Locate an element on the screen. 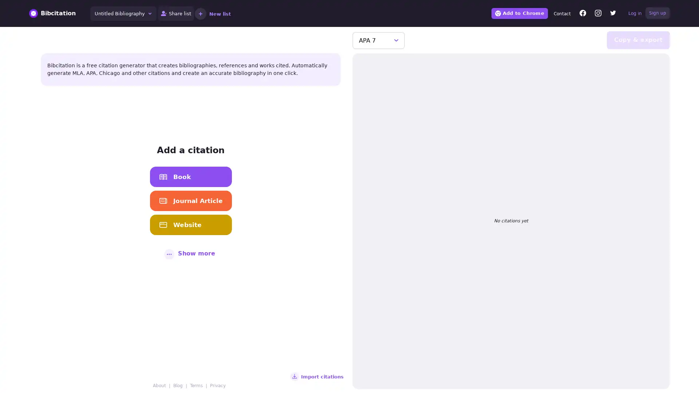 The height and width of the screenshot is (393, 699). Import citations is located at coordinates (319, 376).